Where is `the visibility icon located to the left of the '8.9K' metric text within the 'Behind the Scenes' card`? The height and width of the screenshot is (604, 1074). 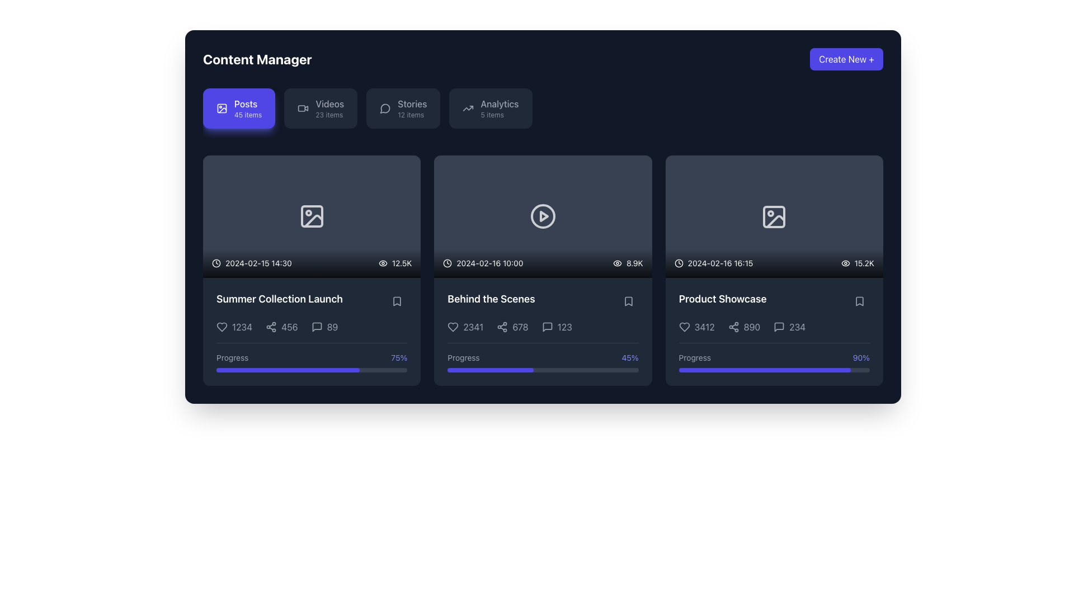
the visibility icon located to the left of the '8.9K' metric text within the 'Behind the Scenes' card is located at coordinates (617, 263).